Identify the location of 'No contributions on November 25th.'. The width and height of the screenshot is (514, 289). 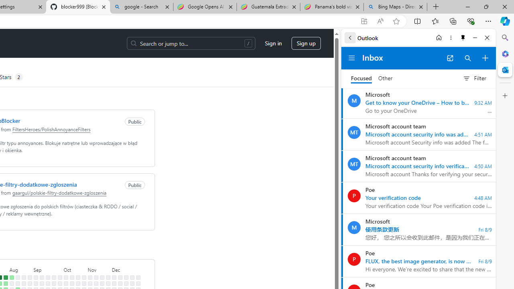
(107, 283).